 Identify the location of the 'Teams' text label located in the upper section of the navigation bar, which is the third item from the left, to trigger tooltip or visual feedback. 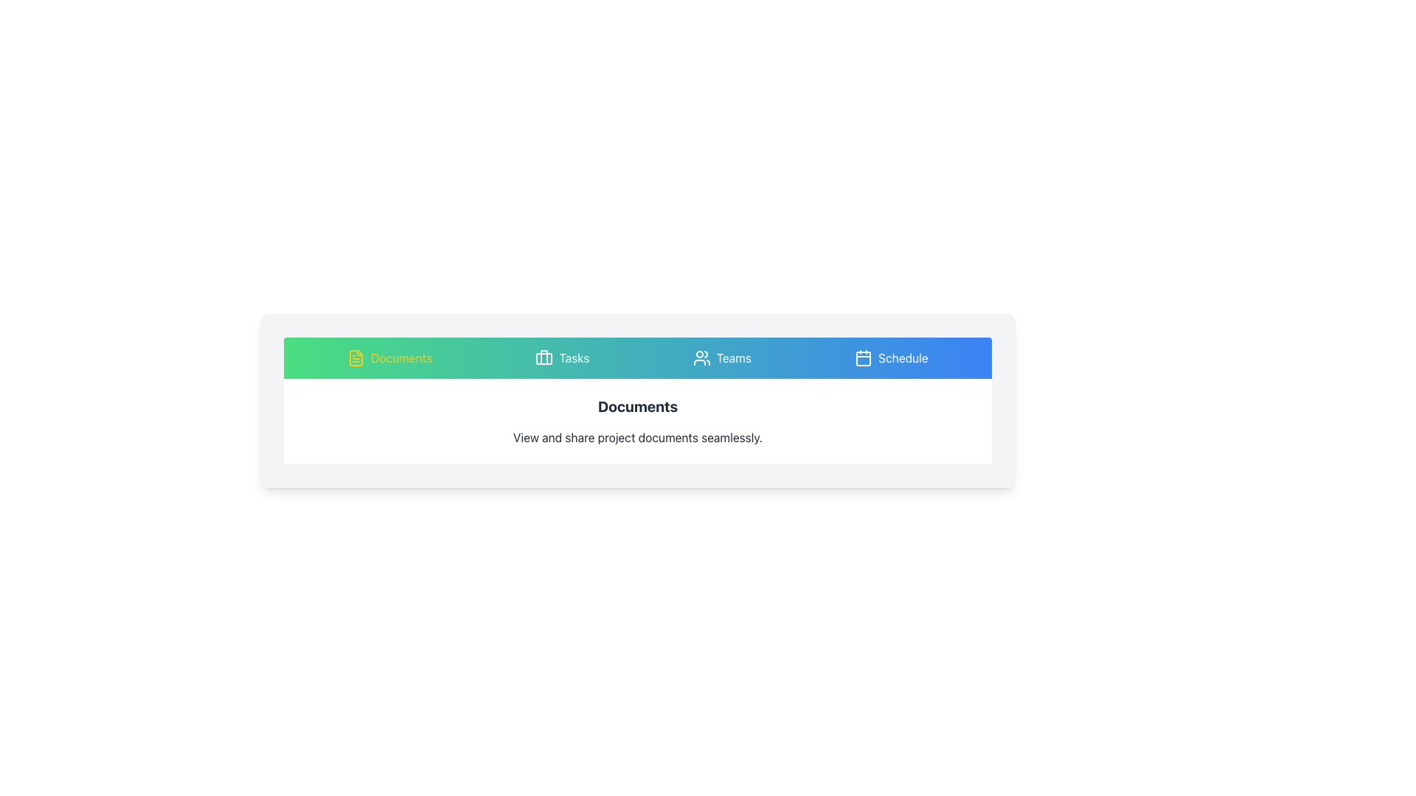
(734, 358).